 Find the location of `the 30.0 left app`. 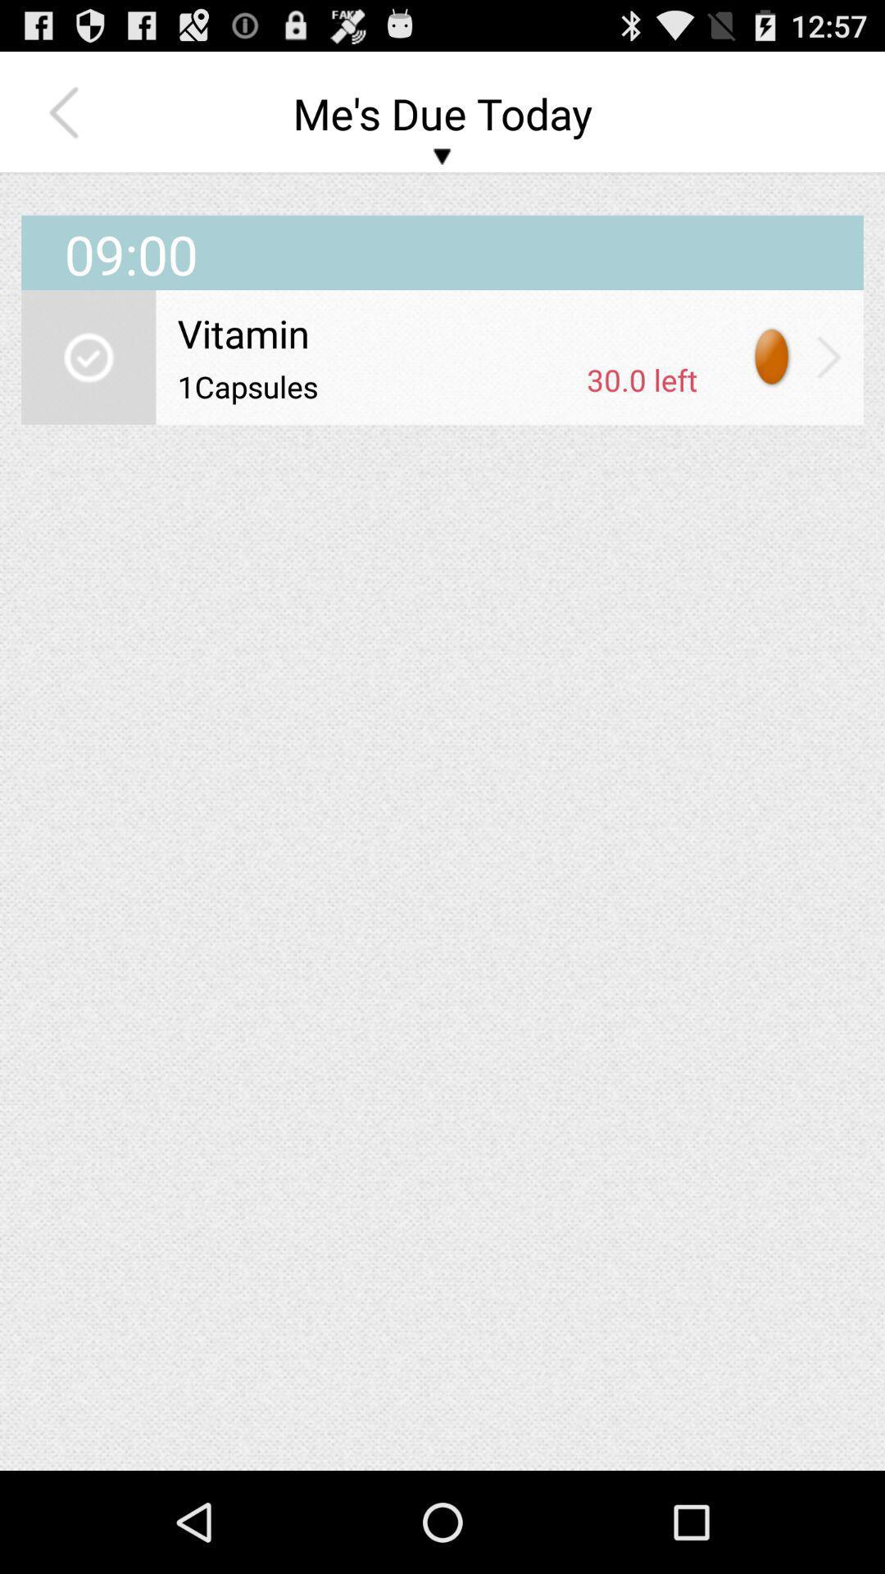

the 30.0 left app is located at coordinates (641, 379).